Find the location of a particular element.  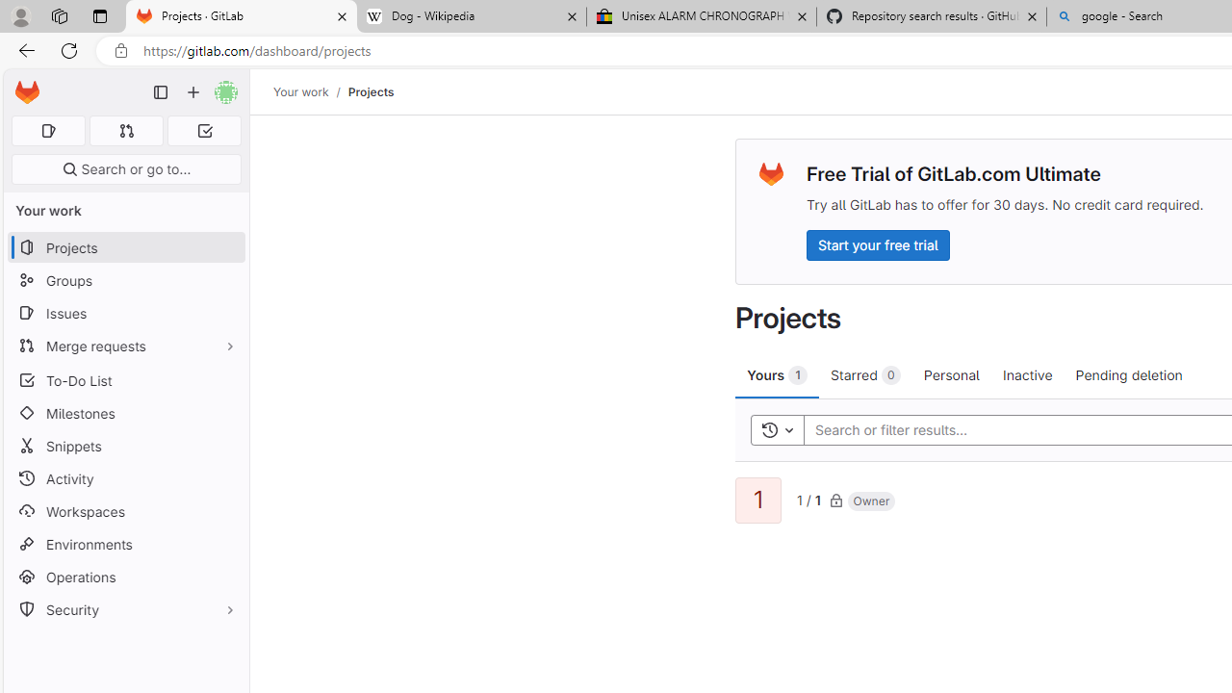

'Your work/' is located at coordinates (311, 91).